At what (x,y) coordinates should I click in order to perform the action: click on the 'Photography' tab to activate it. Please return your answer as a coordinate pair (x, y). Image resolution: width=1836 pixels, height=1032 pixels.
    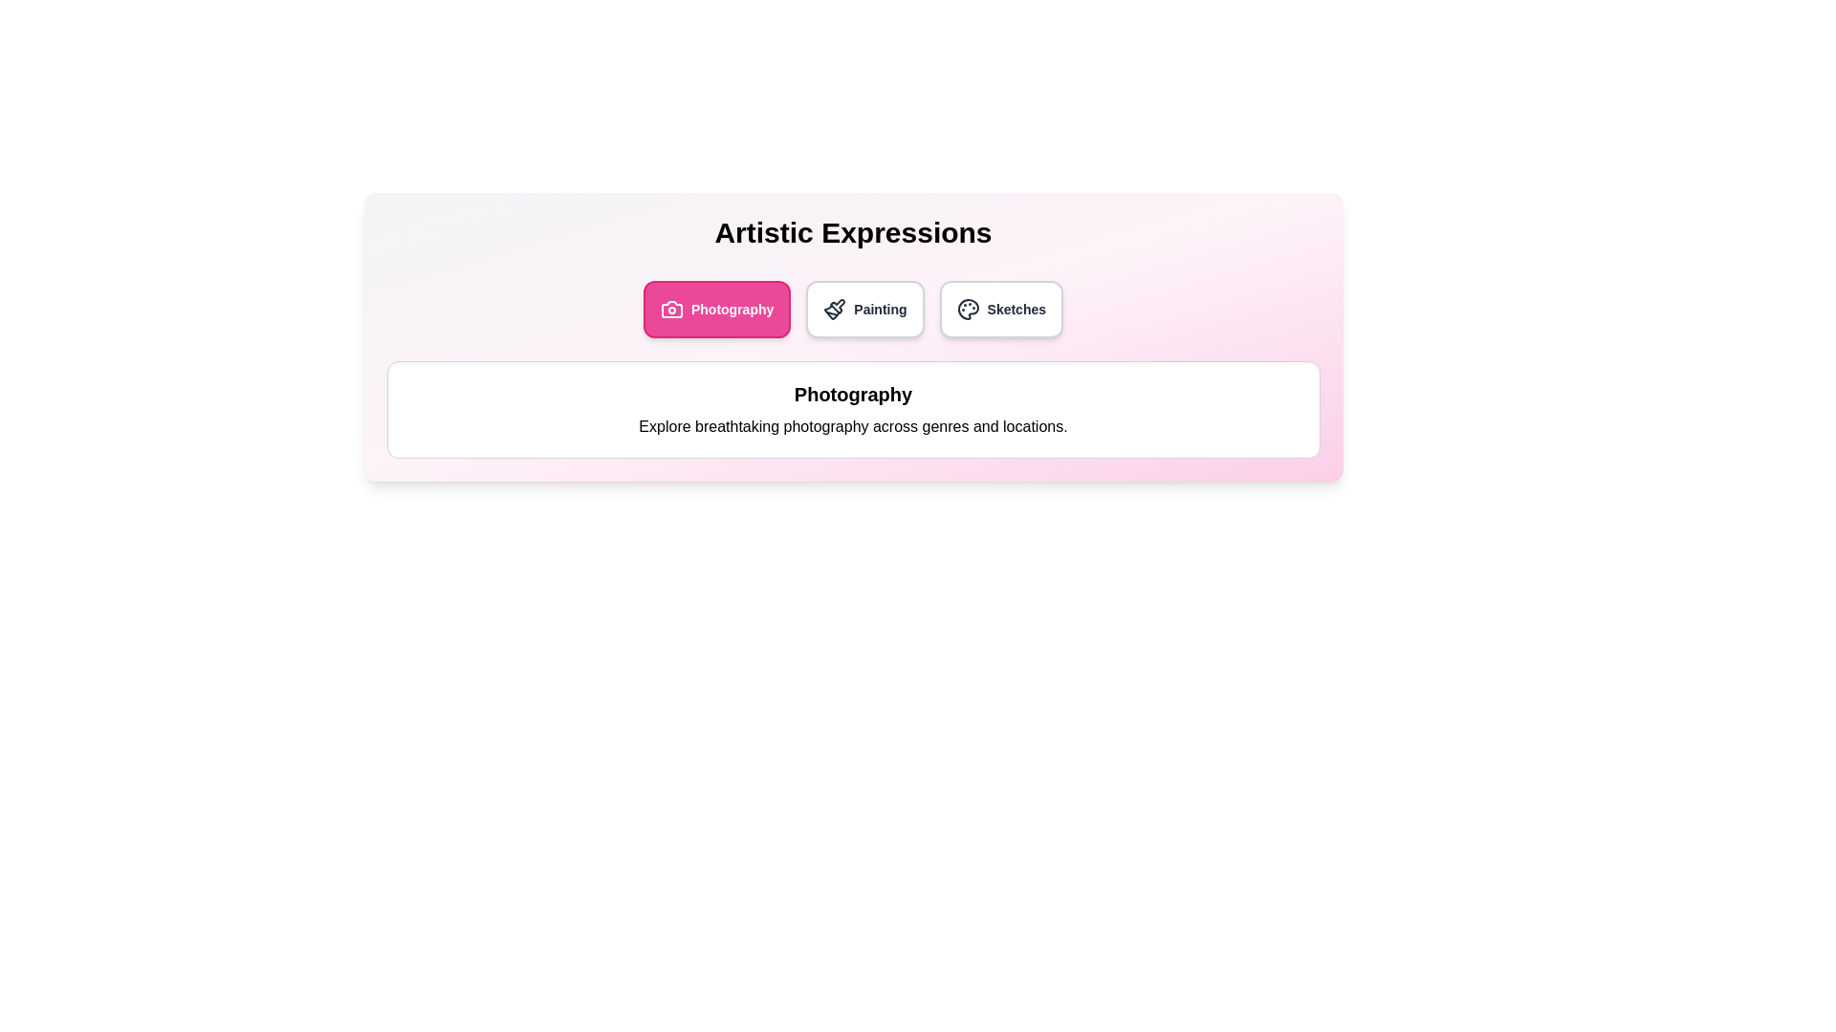
    Looking at the image, I should click on (715, 309).